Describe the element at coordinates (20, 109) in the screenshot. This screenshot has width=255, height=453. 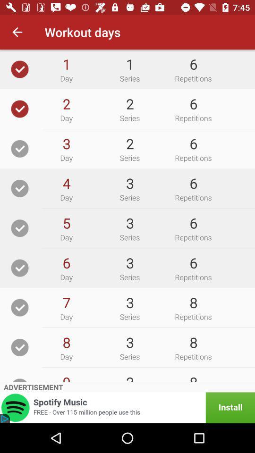
I see `selected box` at that location.